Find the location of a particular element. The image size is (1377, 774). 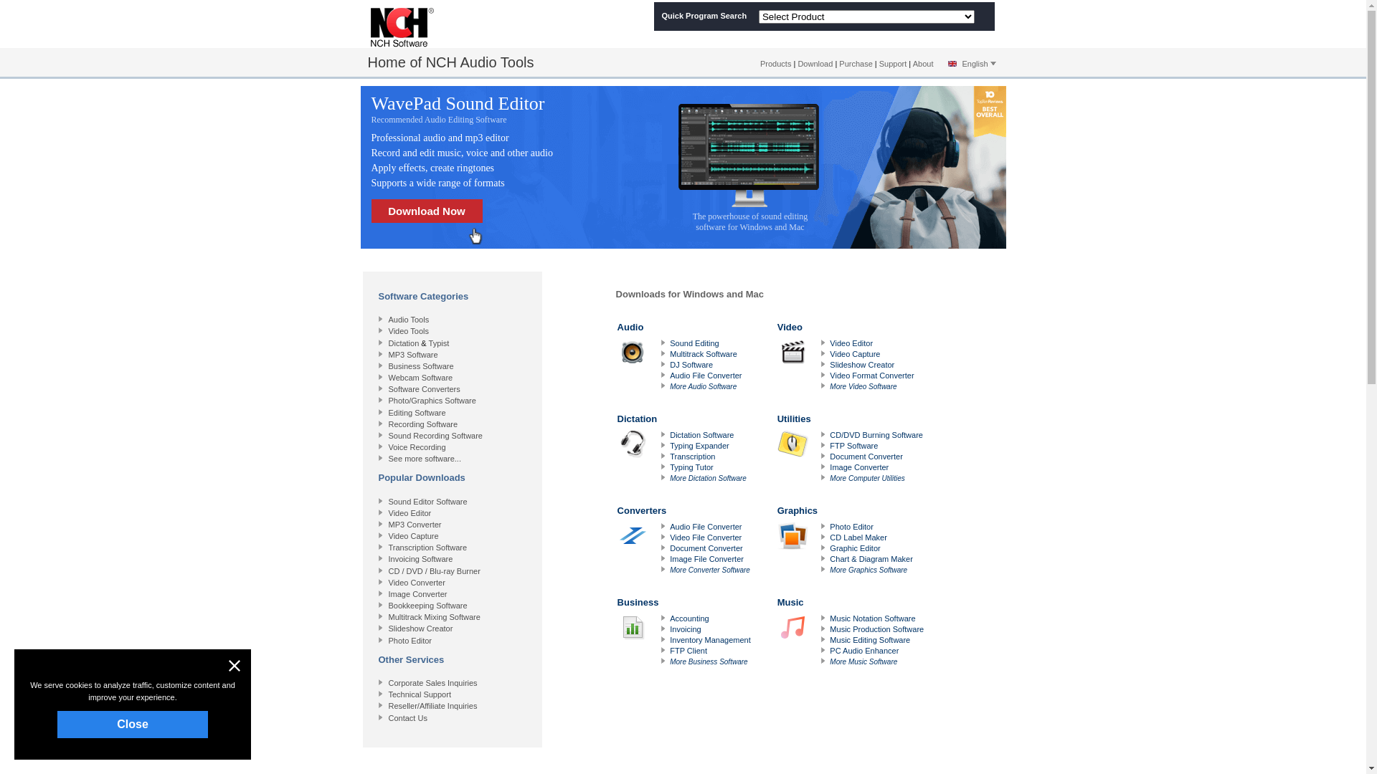

'Download Now' is located at coordinates (426, 211).